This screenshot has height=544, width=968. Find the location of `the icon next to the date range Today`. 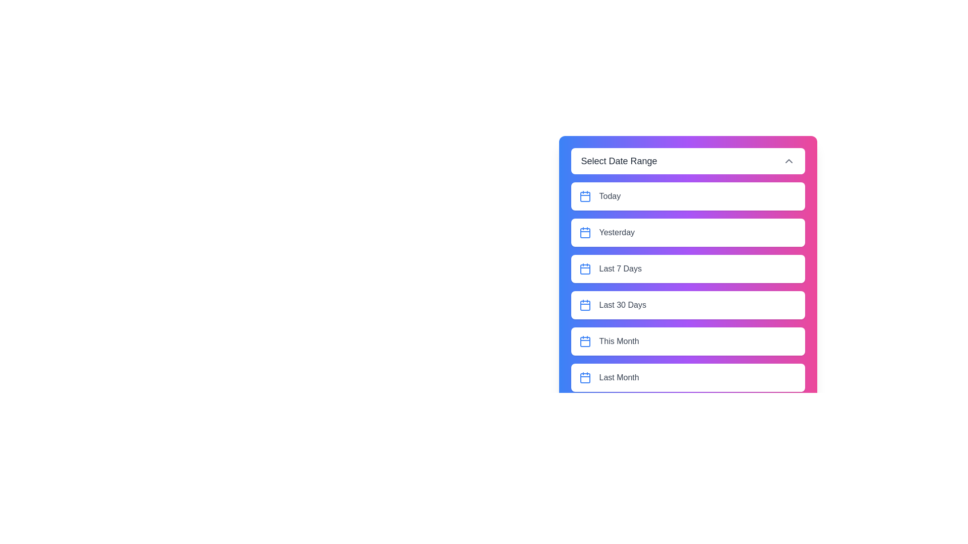

the icon next to the date range Today is located at coordinates (585, 196).